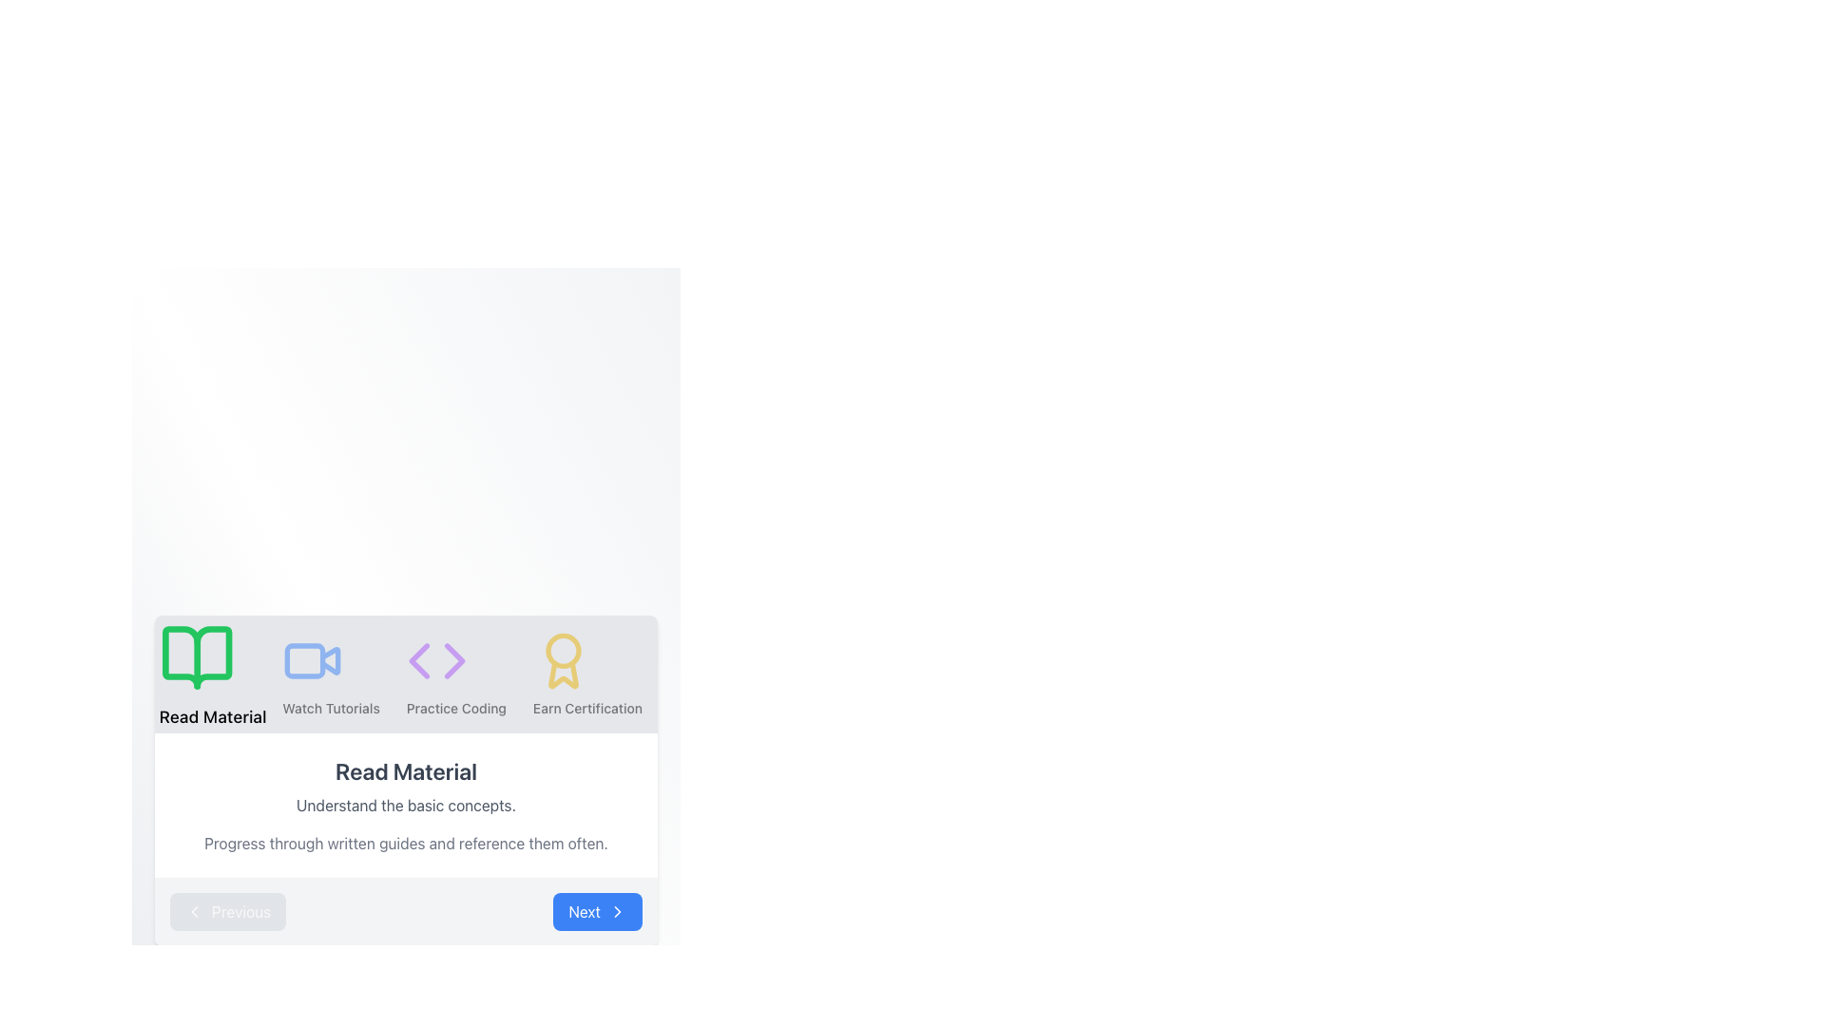  I want to click on the text label displaying 'Watch Tutorials', which is the second item in a horizontally aligned group of options, located below a video icon, between 'Read Material' and 'Practice Coding', so click(331, 708).